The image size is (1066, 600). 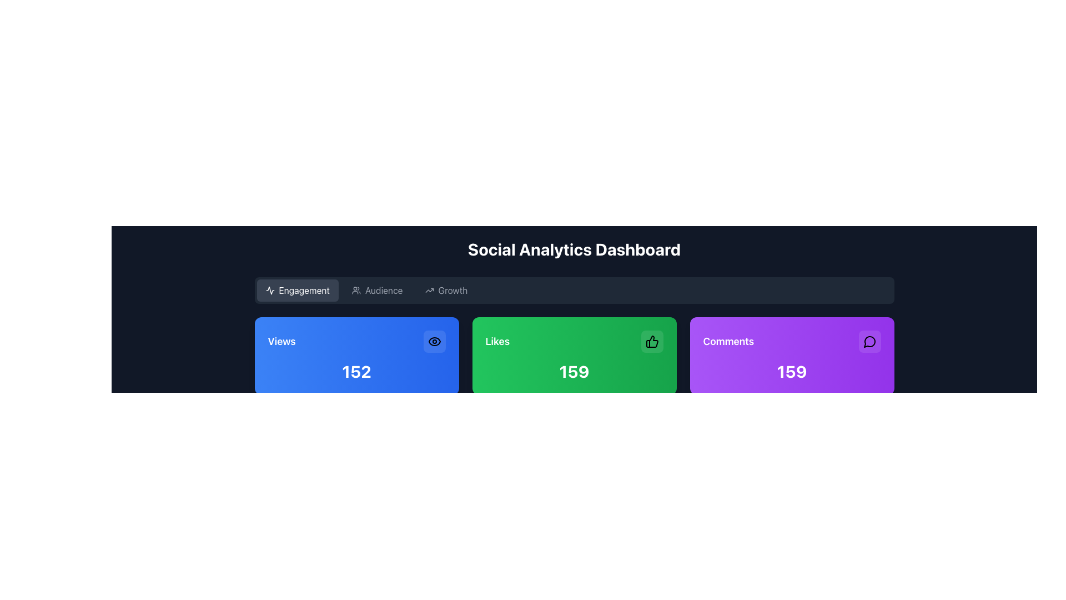 I want to click on the 'Engagement' text label, so click(x=304, y=290).